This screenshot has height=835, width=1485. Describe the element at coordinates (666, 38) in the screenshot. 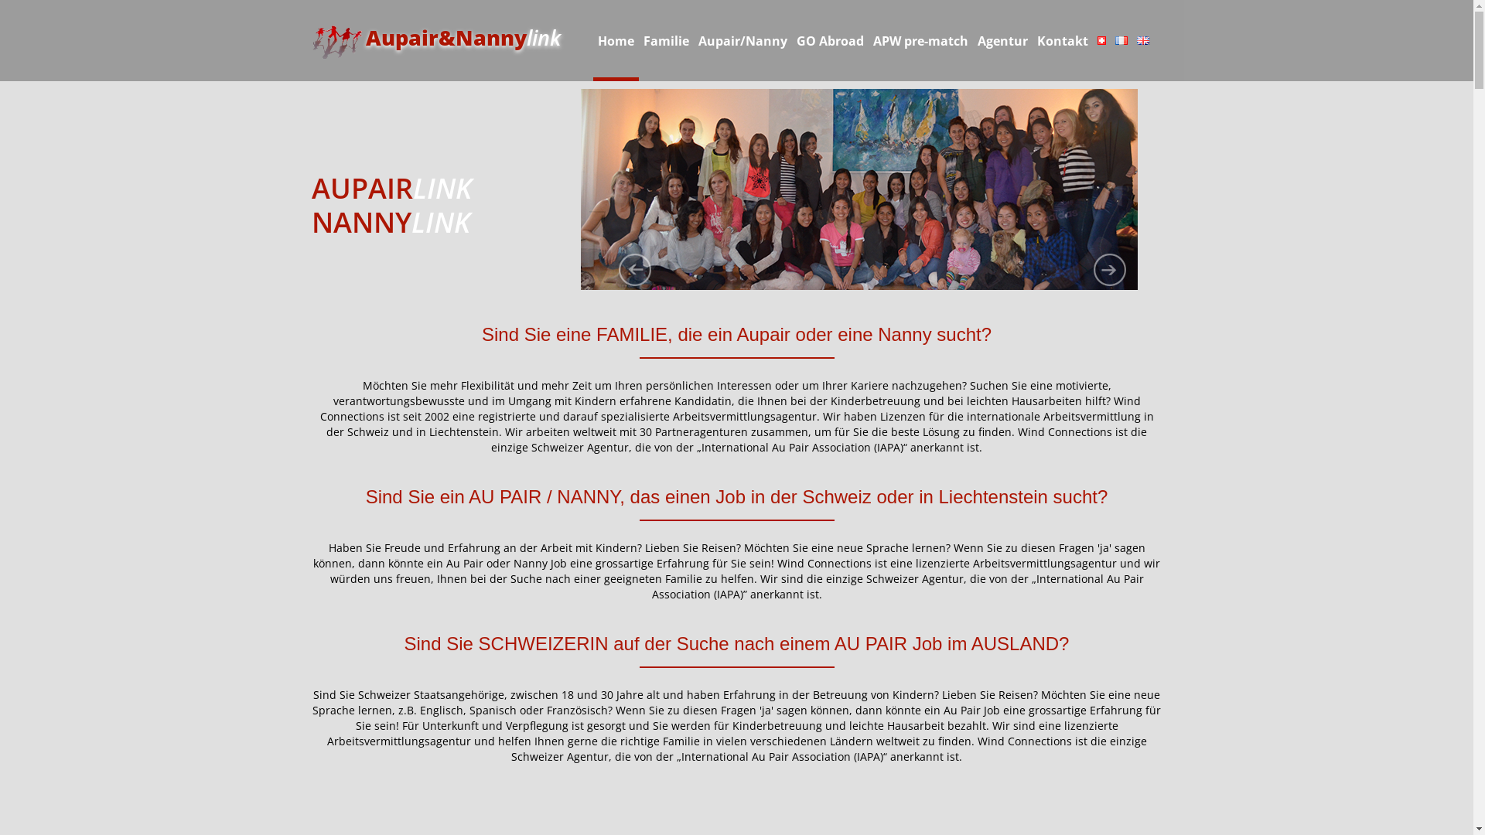

I see `'Familie'` at that location.